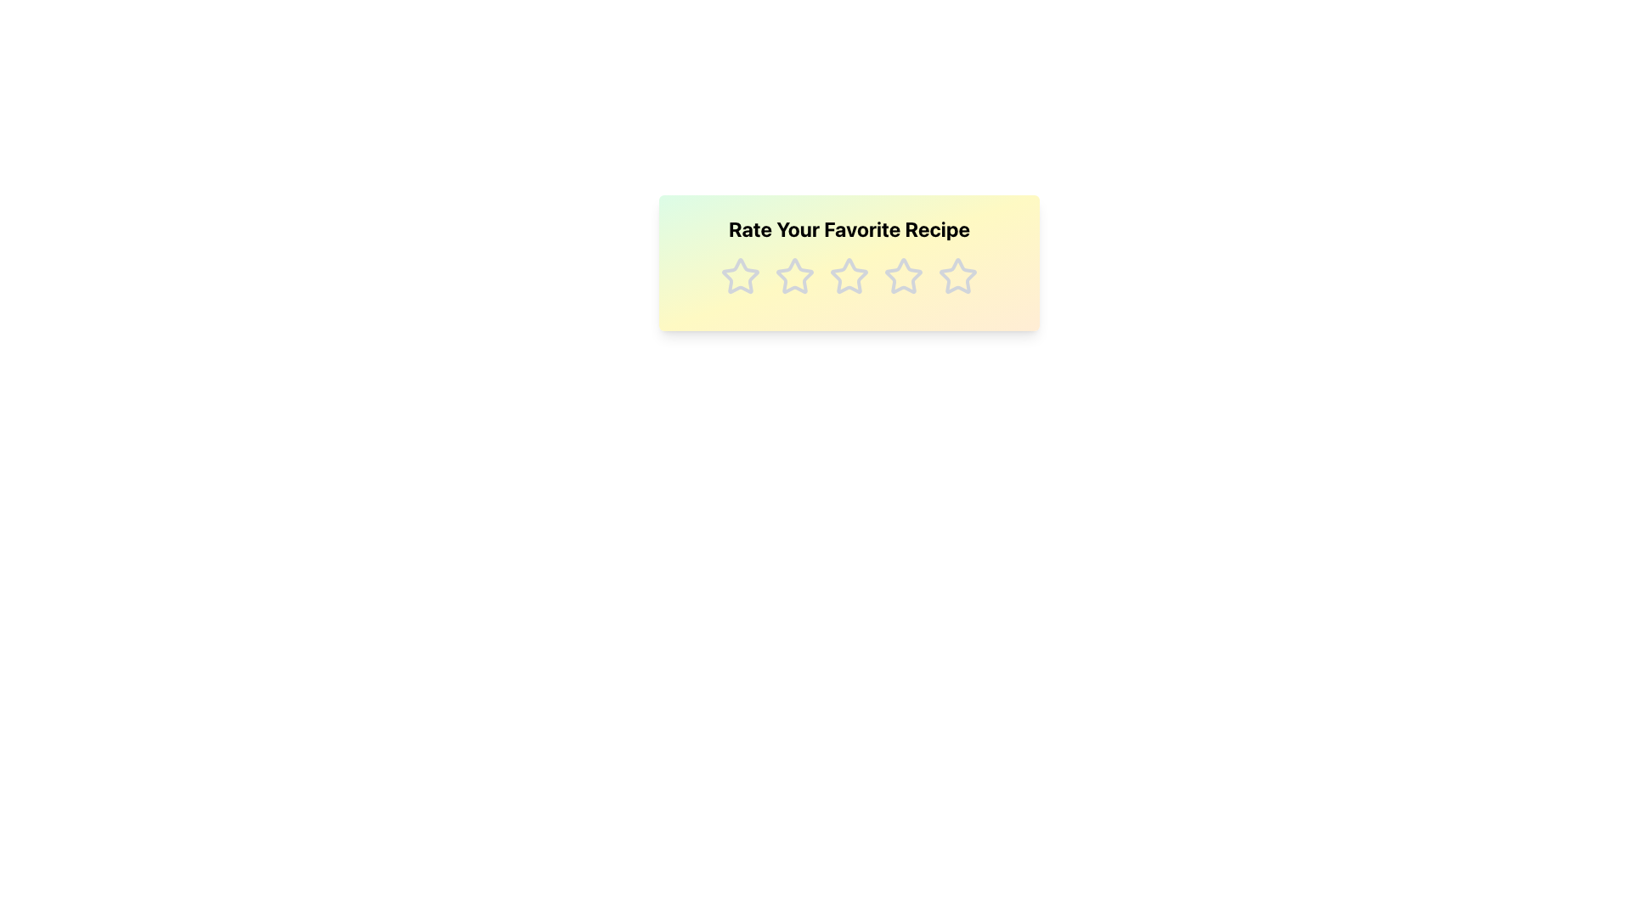 The image size is (1631, 917). What do you see at coordinates (739, 274) in the screenshot?
I see `the first star icon in the rating system located beneath the 'Rate Your Favorite Recipe' label` at bounding box center [739, 274].